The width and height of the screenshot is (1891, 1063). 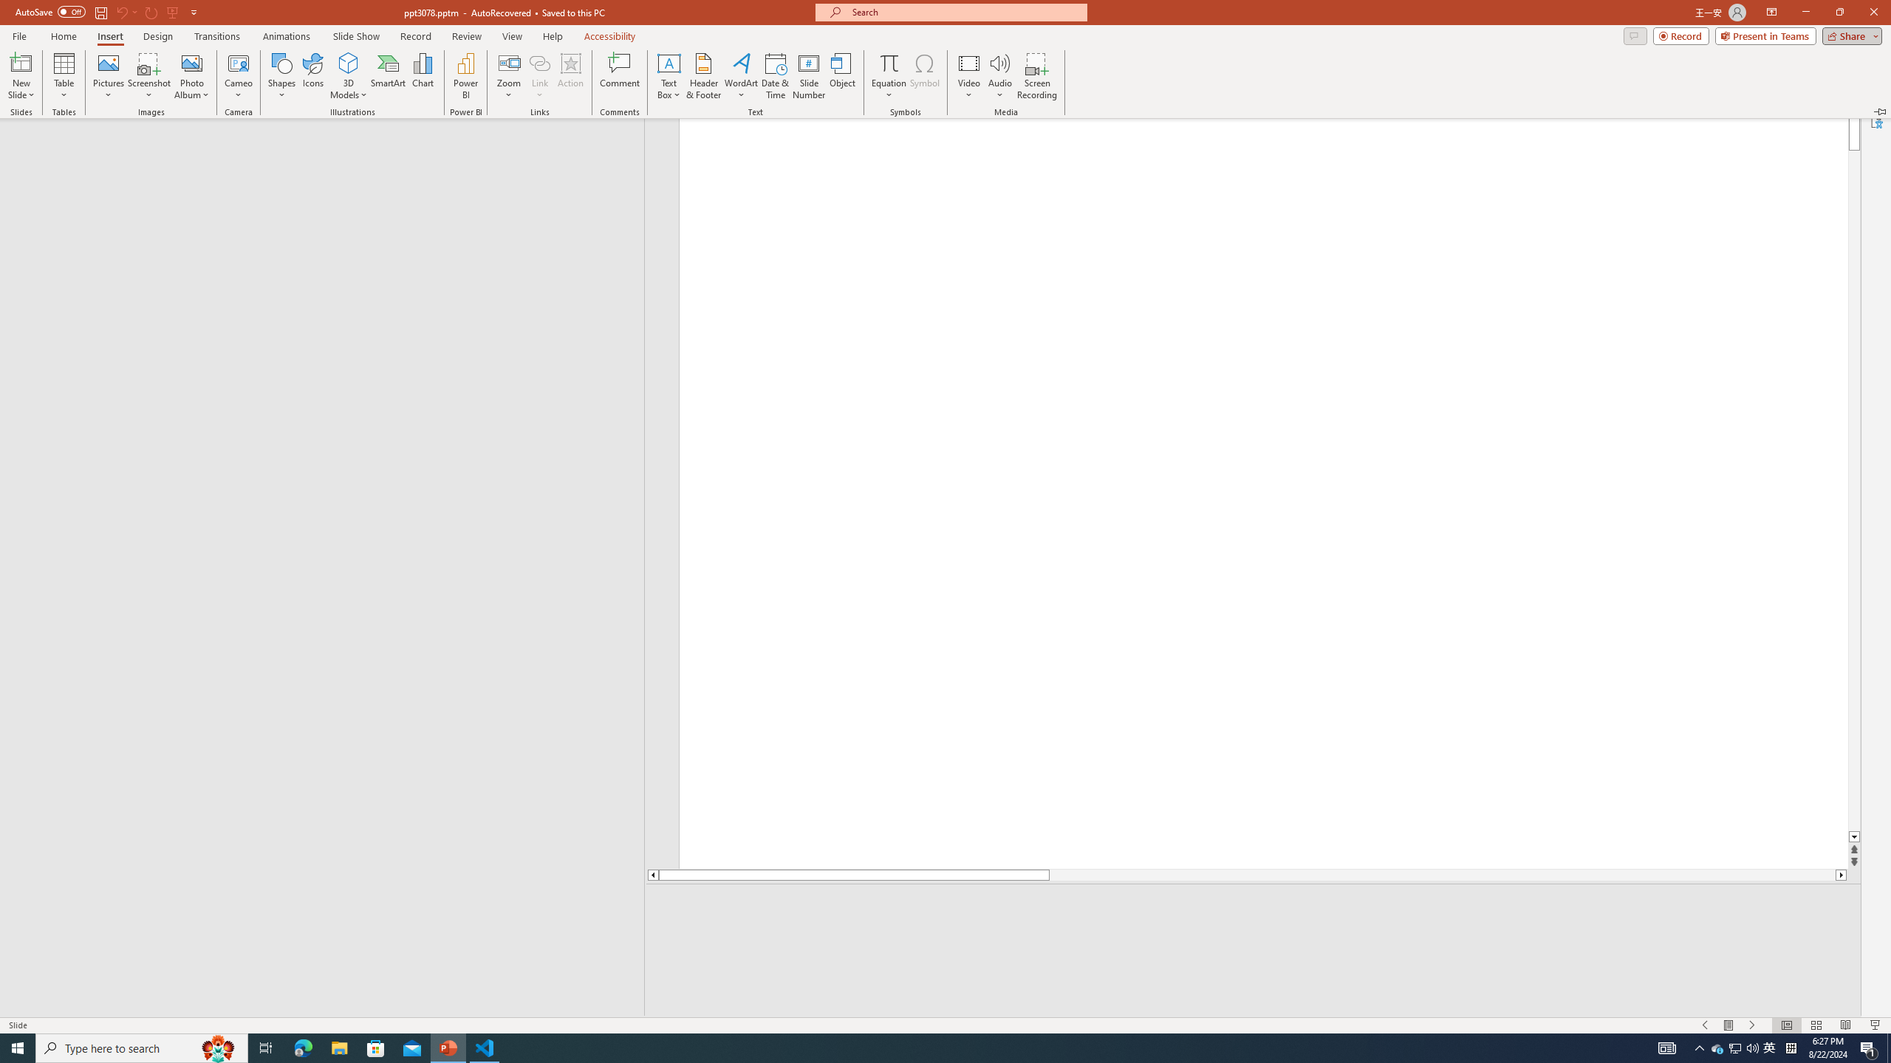 What do you see at coordinates (1705, 1025) in the screenshot?
I see `'Slide Show Previous On'` at bounding box center [1705, 1025].